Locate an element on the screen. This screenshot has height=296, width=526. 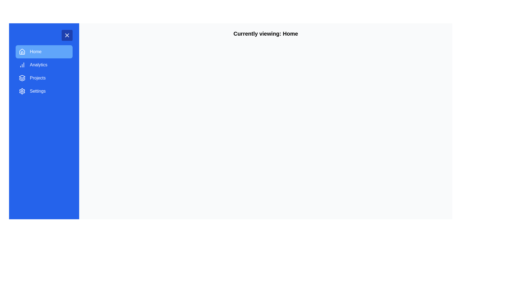
the second topmost menu item labeled 'Analytics' in the vertical navigation menu on the left sidebar is located at coordinates (44, 71).